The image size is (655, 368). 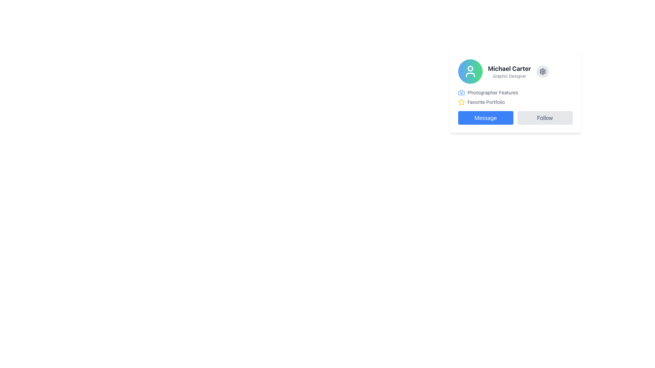 What do you see at coordinates (461, 93) in the screenshot?
I see `the camera icon that signifies the 'Photographer Features' section, located within the profile card section, adjacent to the left of the 'Photographer Features' text` at bounding box center [461, 93].